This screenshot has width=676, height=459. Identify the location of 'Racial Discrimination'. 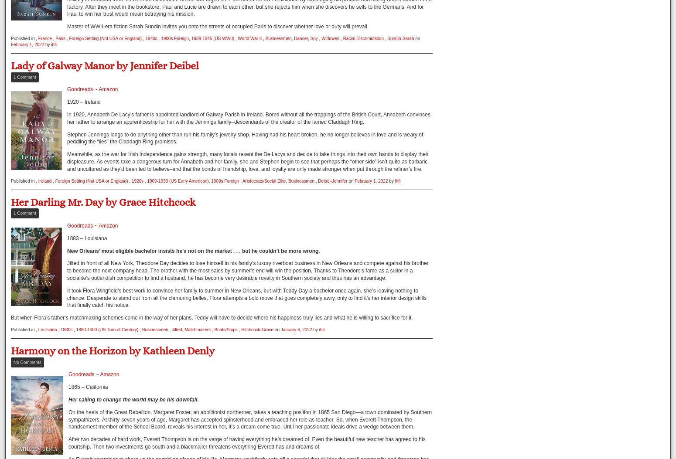
(362, 38).